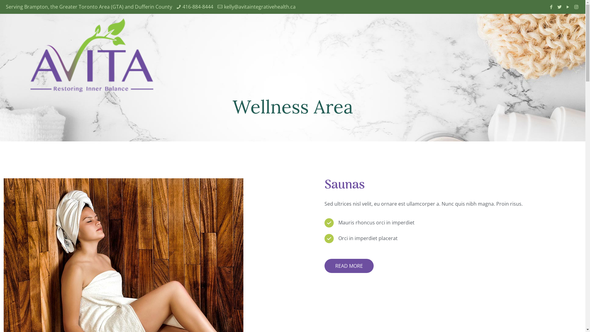 The width and height of the screenshot is (590, 332). I want to click on 'Avita Weightloss', so click(91, 56).